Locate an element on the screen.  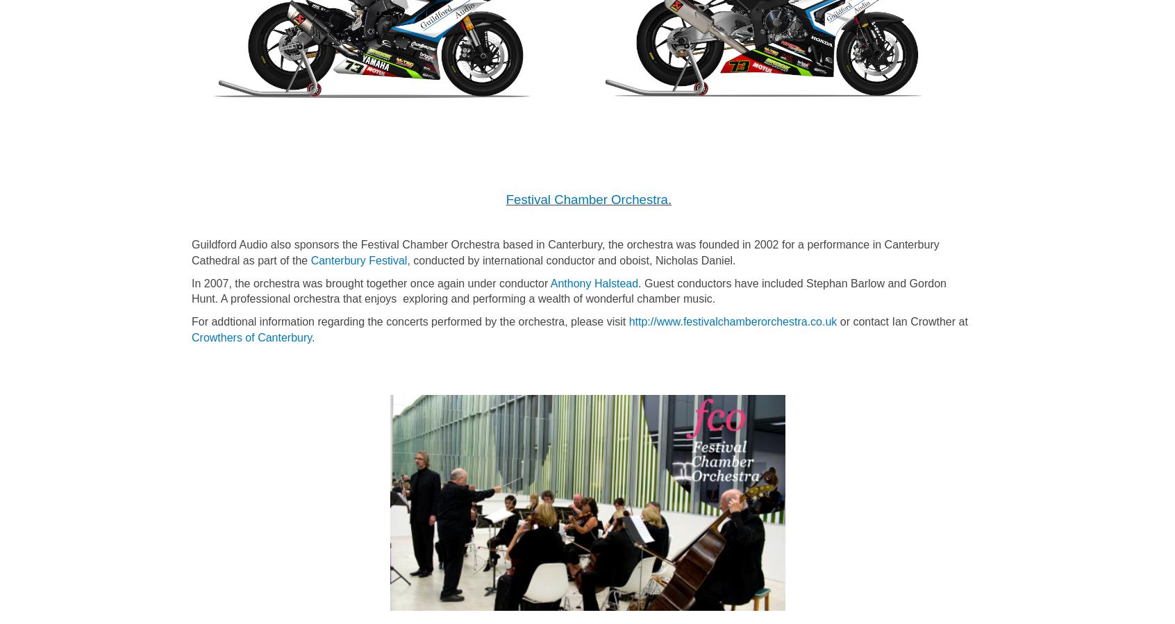
'http://www.festivalchamberorchestra.co.uk' is located at coordinates (731, 321).